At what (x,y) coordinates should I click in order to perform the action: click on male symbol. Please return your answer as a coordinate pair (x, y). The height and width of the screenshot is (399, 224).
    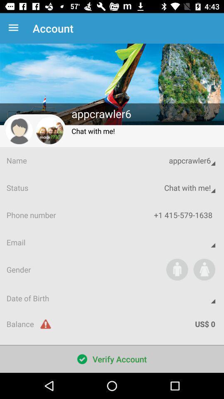
    Looking at the image, I should click on (177, 269).